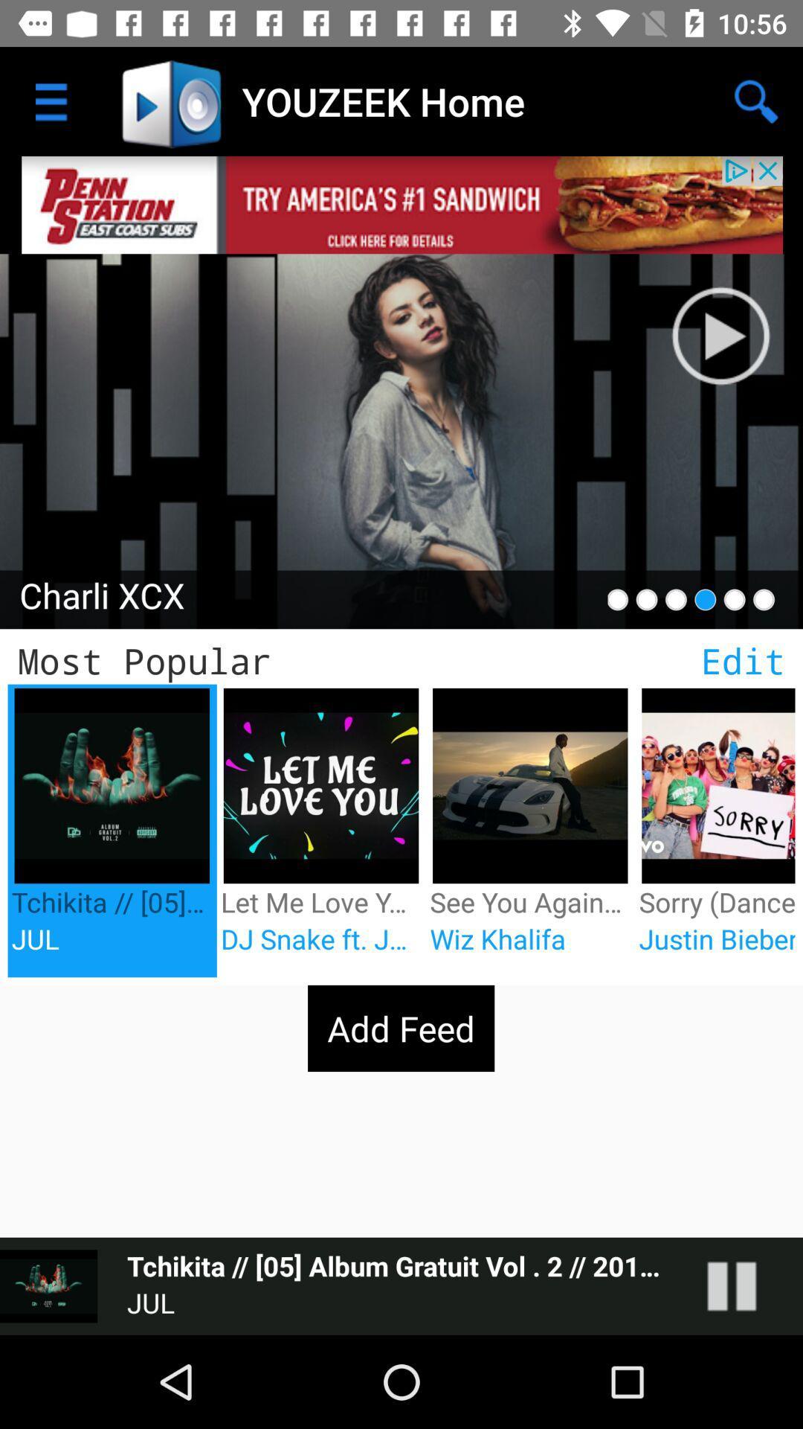  Describe the element at coordinates (746, 1285) in the screenshot. I see `for play option` at that location.